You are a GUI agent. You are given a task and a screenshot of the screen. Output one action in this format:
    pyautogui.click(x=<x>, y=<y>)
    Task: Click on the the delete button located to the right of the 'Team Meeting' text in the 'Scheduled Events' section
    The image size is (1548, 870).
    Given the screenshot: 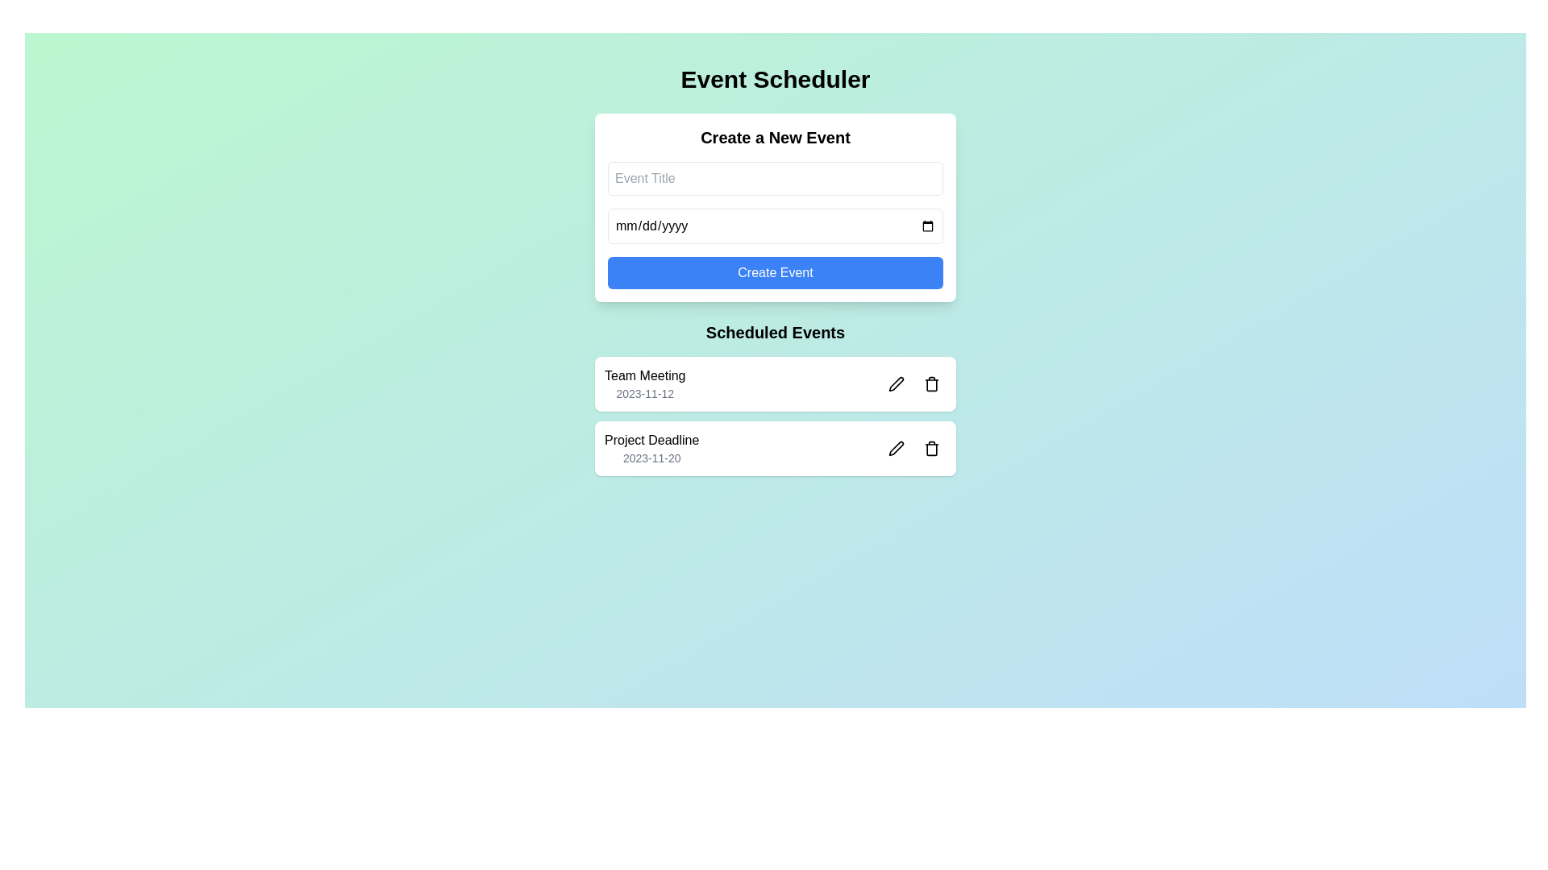 What is the action you would take?
    pyautogui.click(x=932, y=384)
    